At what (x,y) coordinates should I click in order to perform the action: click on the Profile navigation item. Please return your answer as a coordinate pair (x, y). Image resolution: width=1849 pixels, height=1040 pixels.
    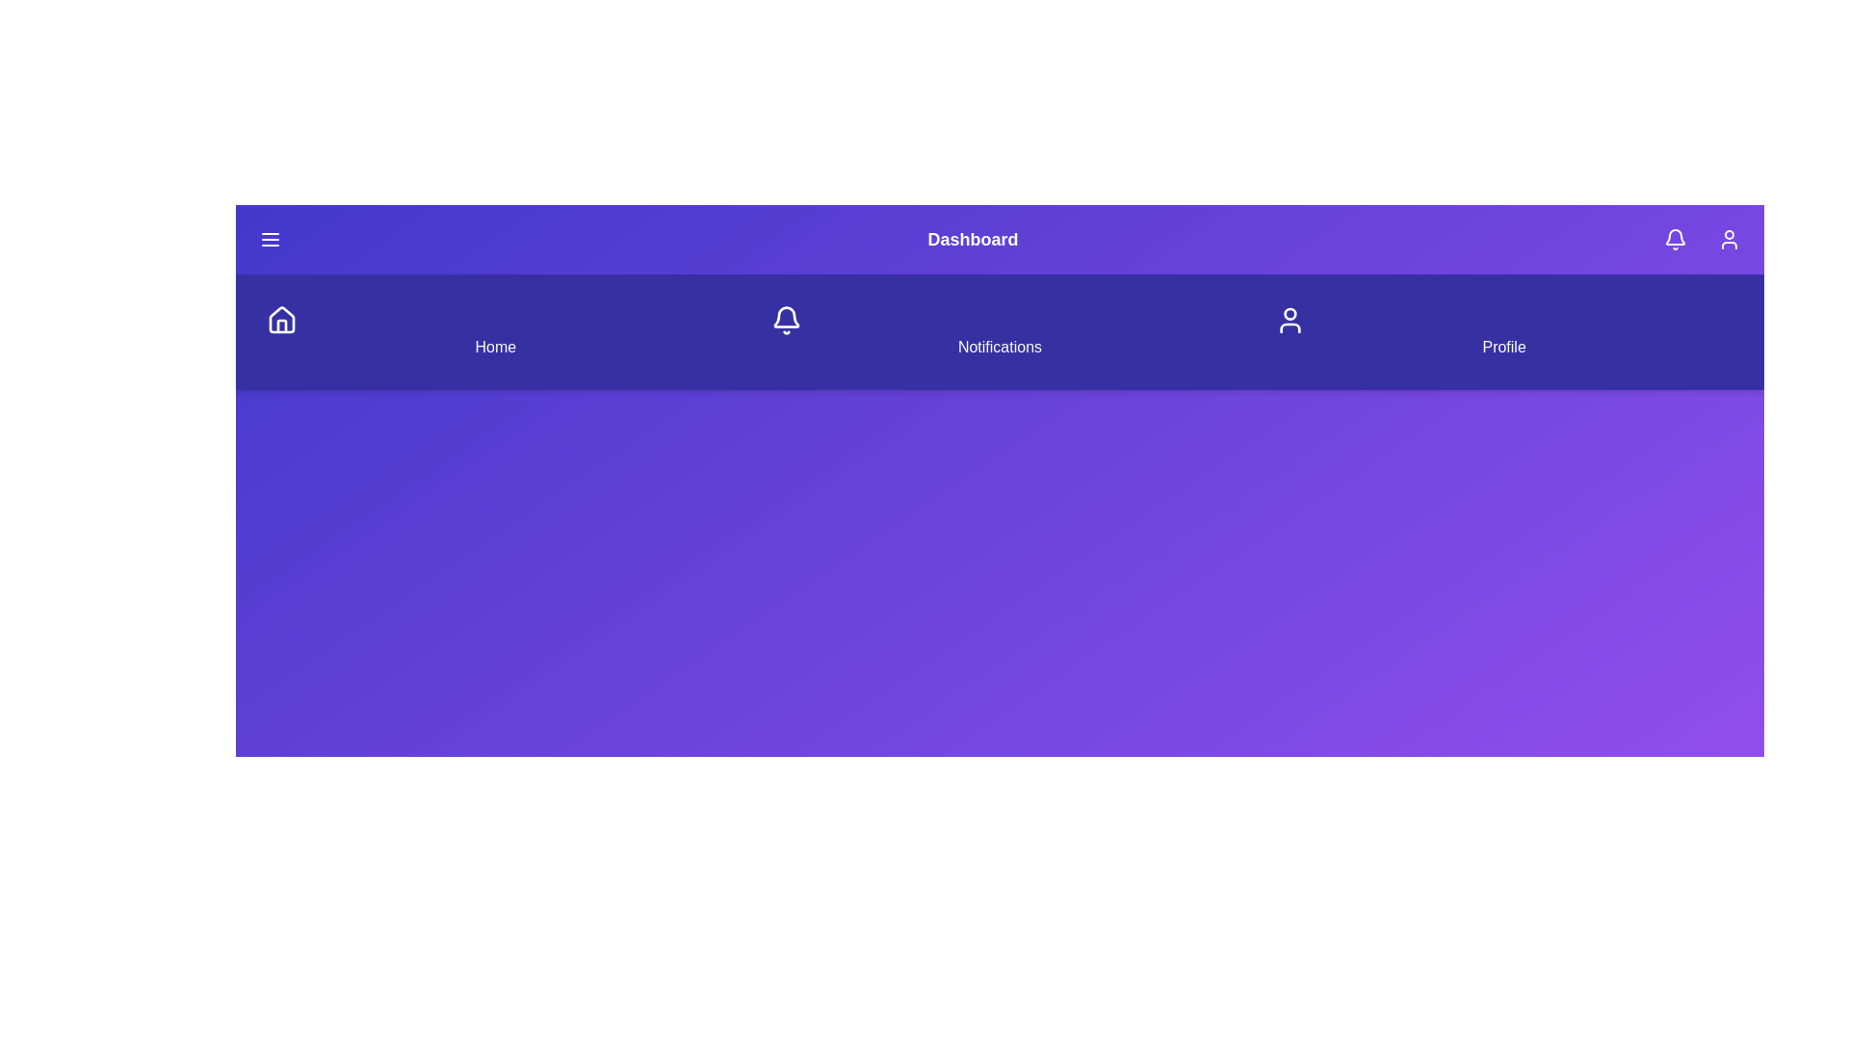
    Looking at the image, I should click on (1502, 330).